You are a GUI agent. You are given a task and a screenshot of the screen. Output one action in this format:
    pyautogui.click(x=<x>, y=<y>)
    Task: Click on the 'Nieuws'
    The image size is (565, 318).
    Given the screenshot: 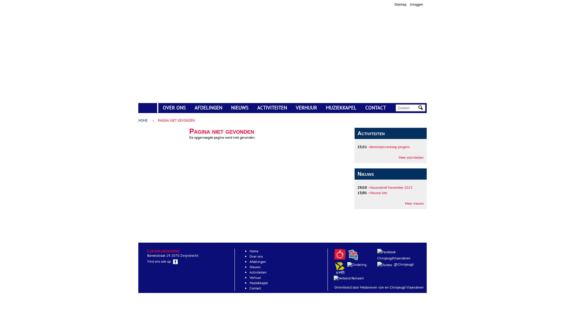 What is the action you would take?
    pyautogui.click(x=250, y=267)
    